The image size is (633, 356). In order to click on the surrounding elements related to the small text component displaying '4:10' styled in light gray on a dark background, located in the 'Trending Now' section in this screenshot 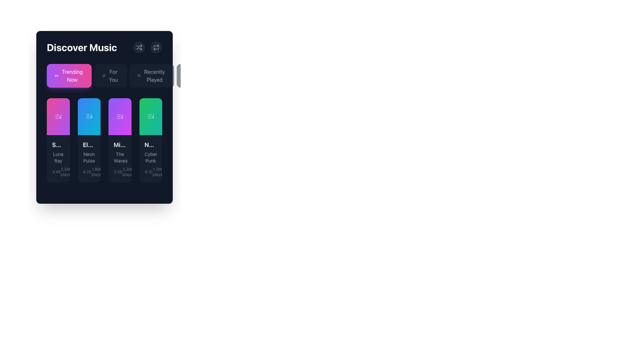, I will do `click(148, 171)`.